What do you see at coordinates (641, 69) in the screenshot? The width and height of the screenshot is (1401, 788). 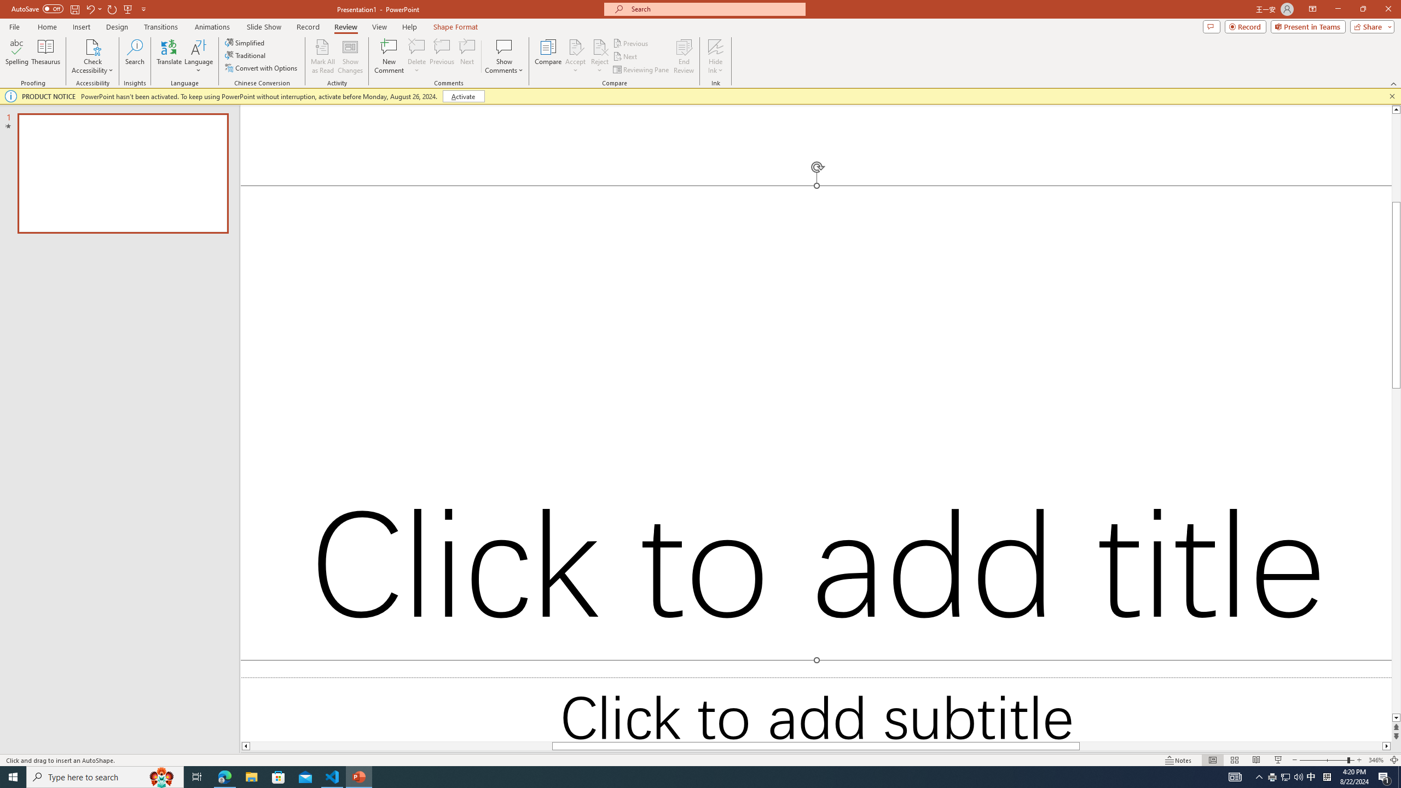 I see `'Reviewing Pane'` at bounding box center [641, 69].